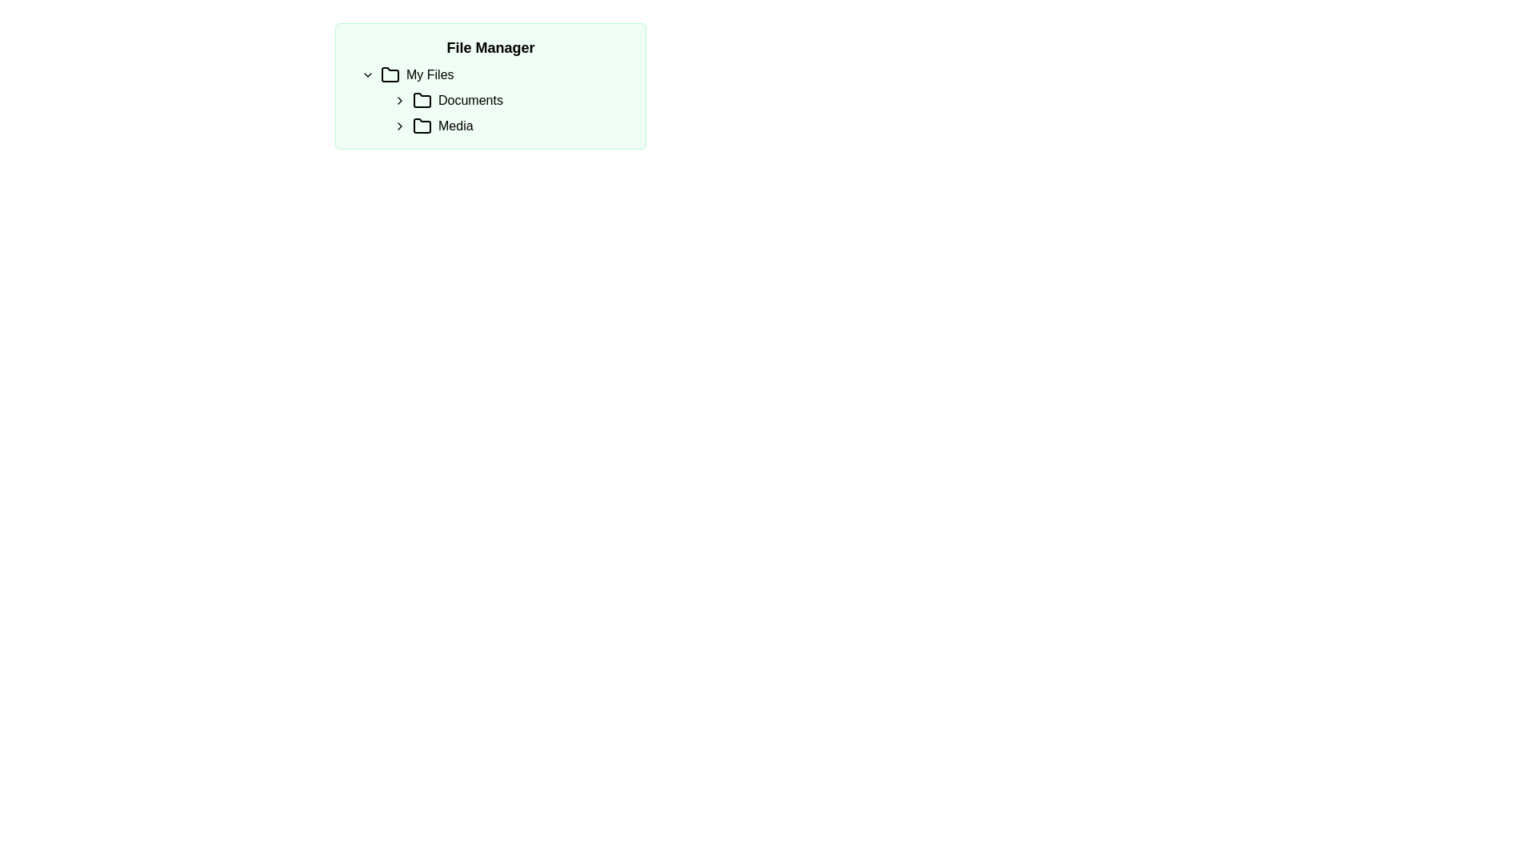  I want to click on the right-facing chevron icon located next to the text 'Media', which indicates expandable content, so click(399, 126).